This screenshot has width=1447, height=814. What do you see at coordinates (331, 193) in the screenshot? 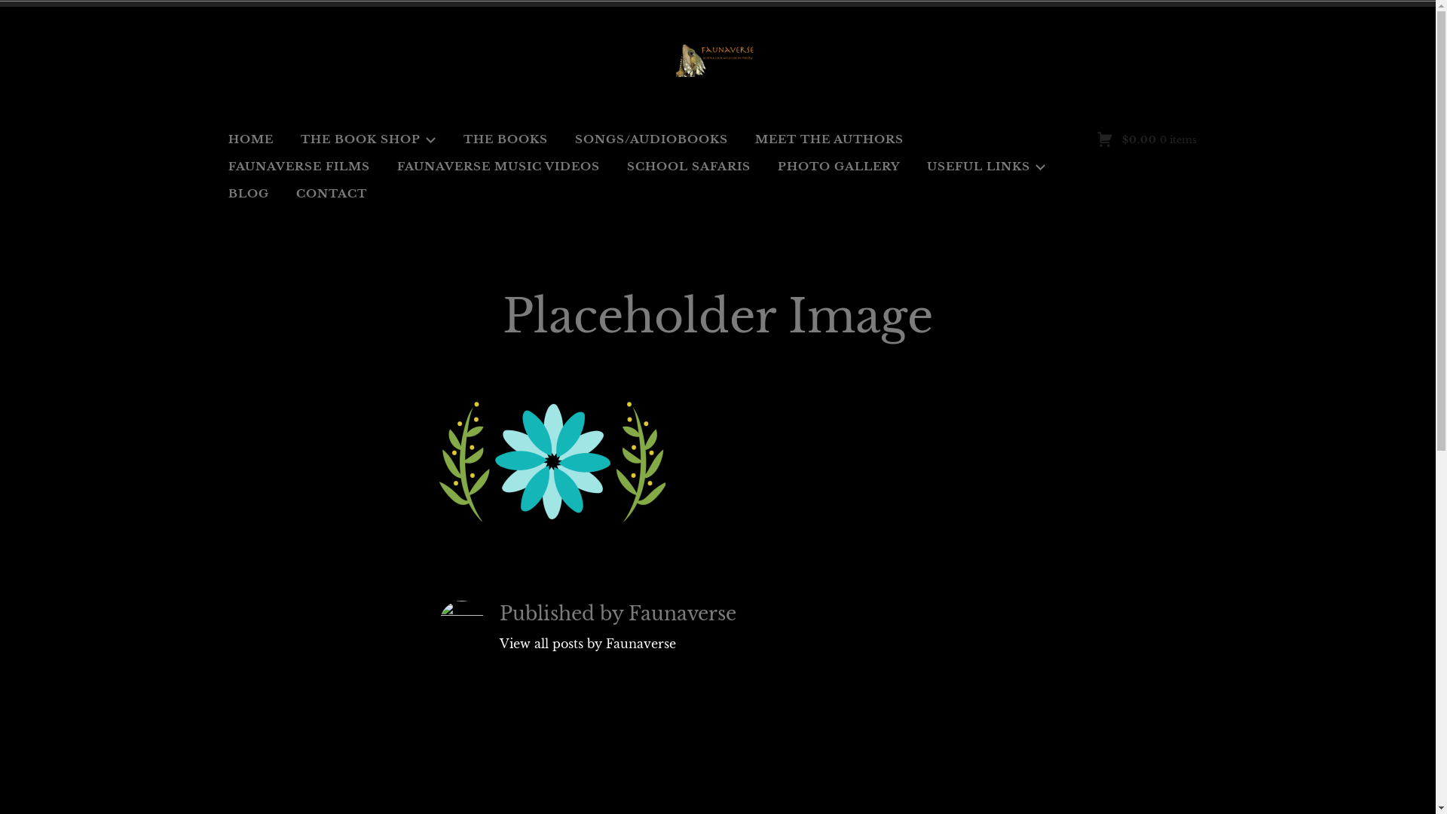
I see `'CONTACT'` at bounding box center [331, 193].